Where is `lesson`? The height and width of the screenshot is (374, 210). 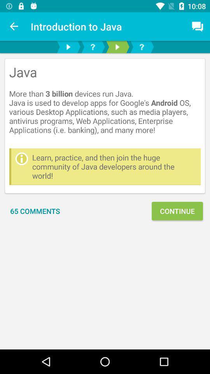
lesson is located at coordinates (68, 47).